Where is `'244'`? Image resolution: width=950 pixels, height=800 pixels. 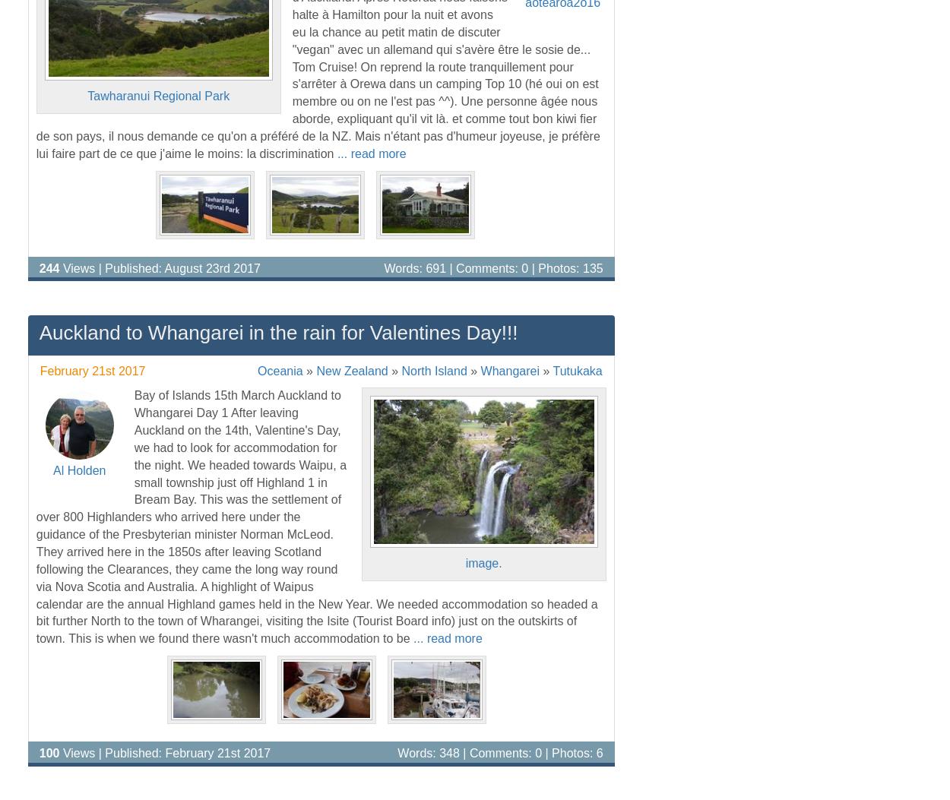 '244' is located at coordinates (39, 267).